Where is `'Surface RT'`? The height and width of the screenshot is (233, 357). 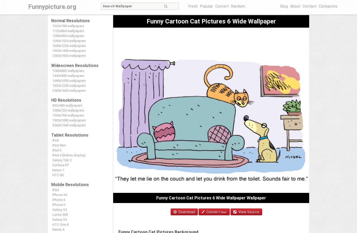
'Surface RT' is located at coordinates (61, 165).